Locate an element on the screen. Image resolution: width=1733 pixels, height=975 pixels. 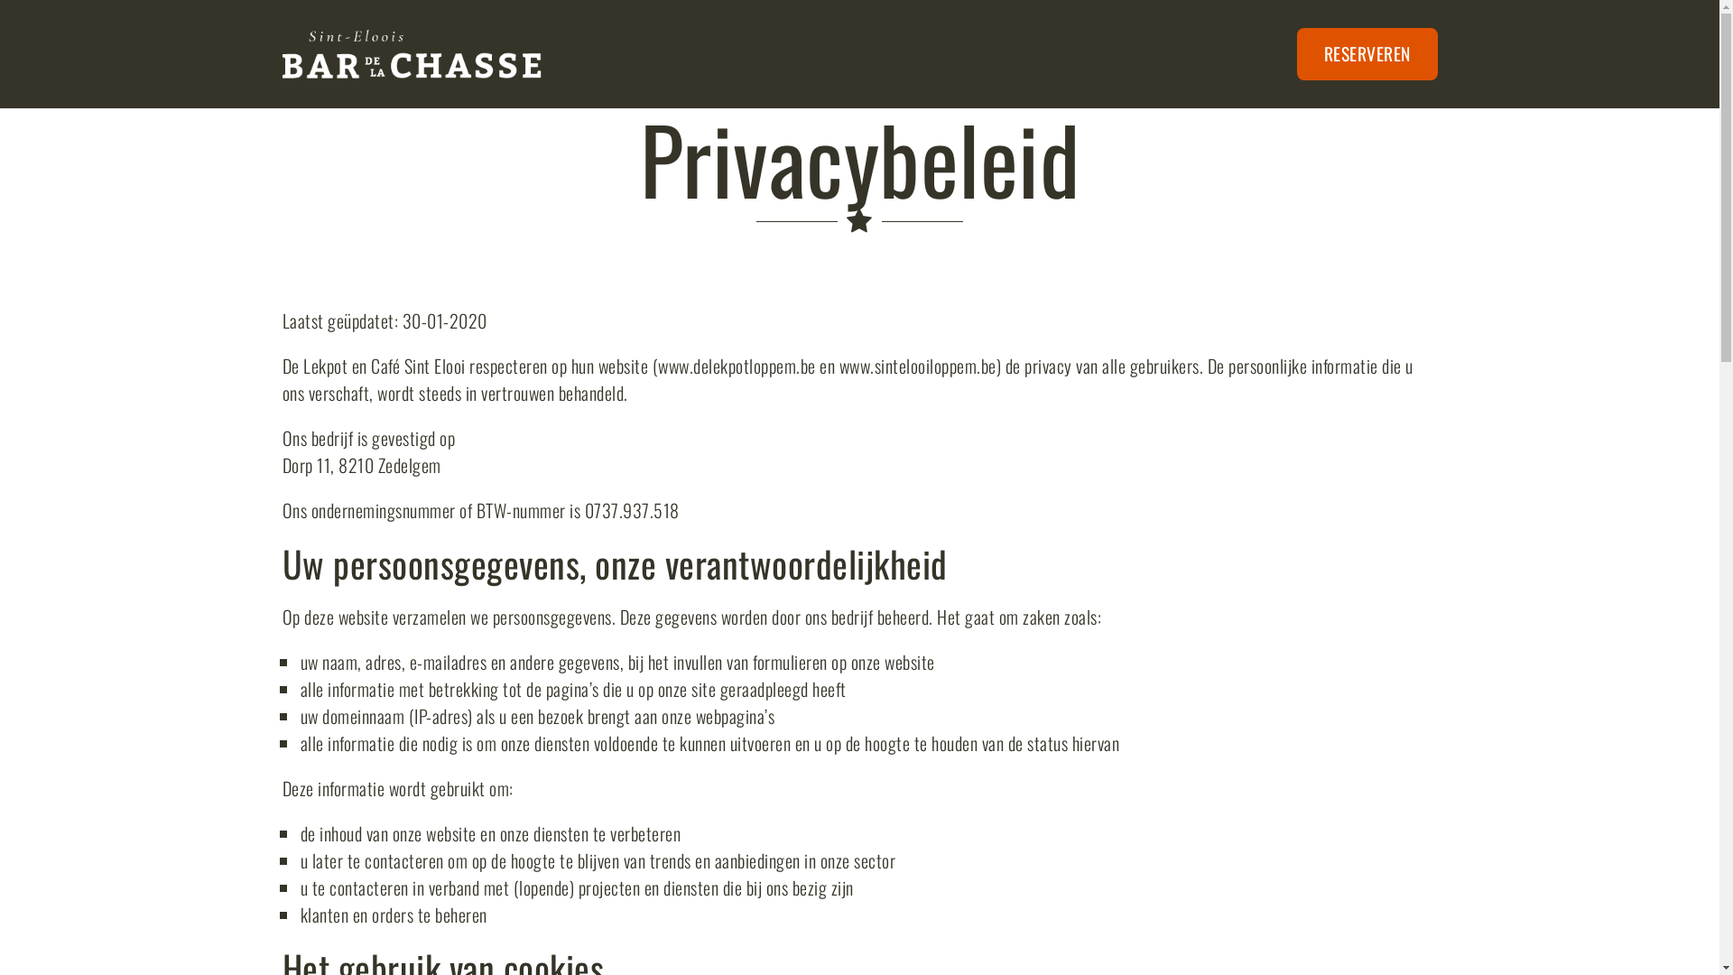
'RESERVEREN' is located at coordinates (1366, 53).